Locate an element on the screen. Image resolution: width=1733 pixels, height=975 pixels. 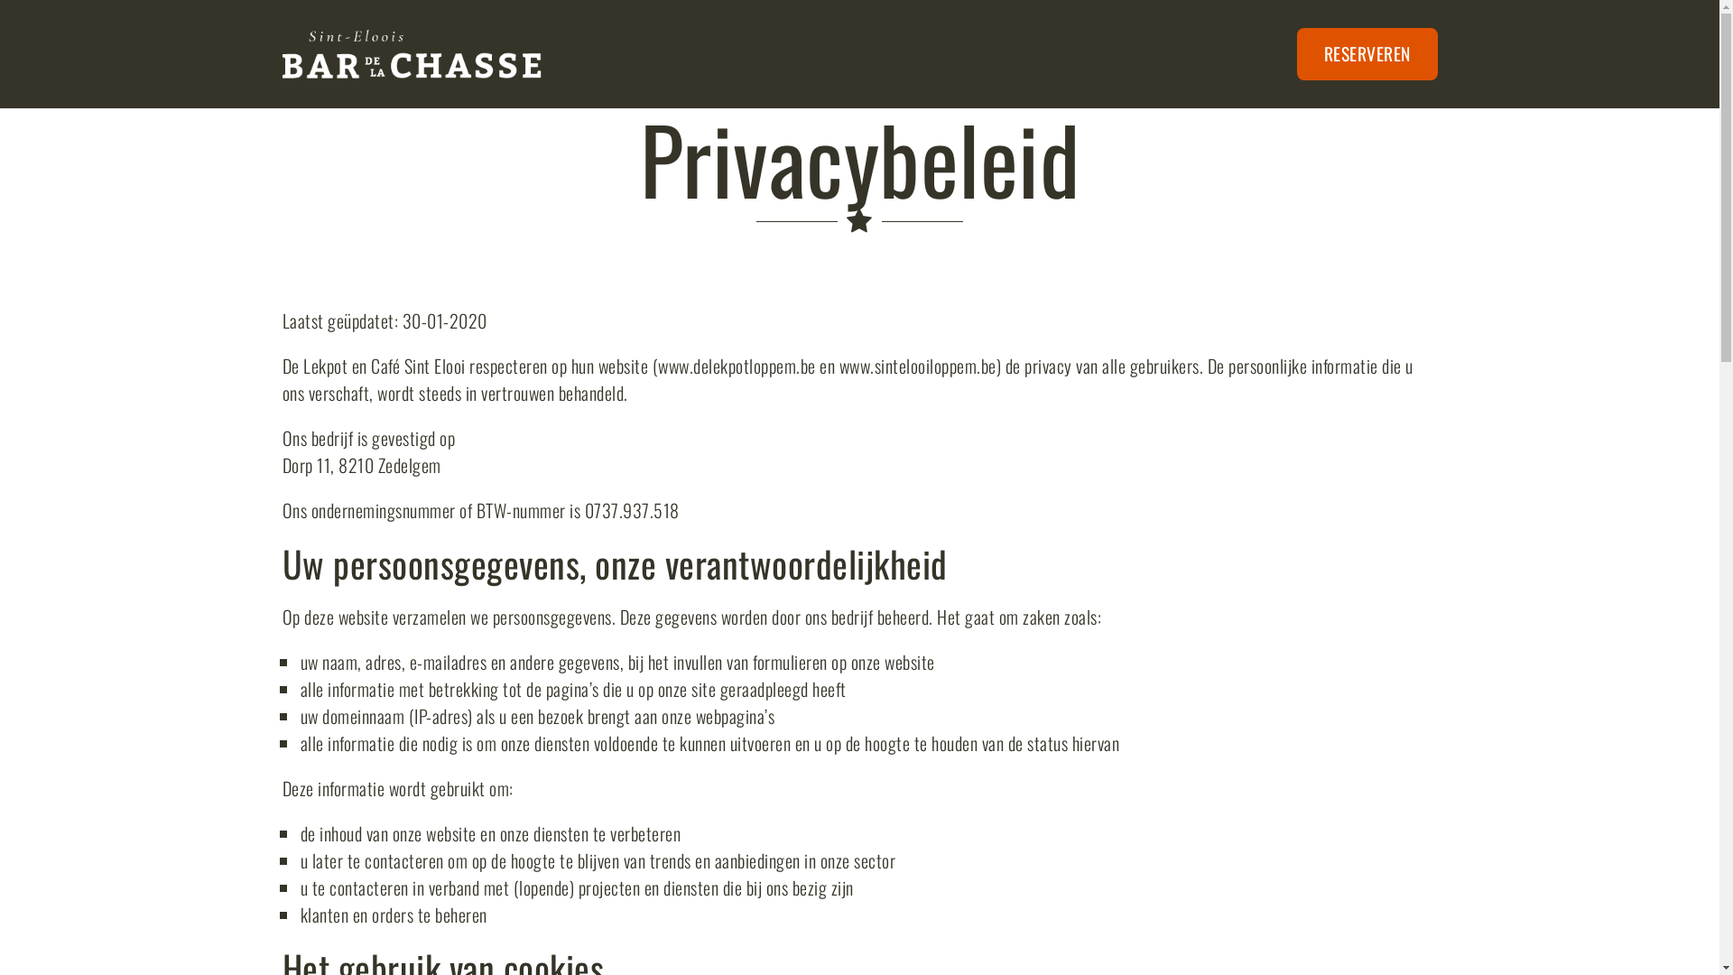
'RESERVEREN' is located at coordinates (1366, 53).